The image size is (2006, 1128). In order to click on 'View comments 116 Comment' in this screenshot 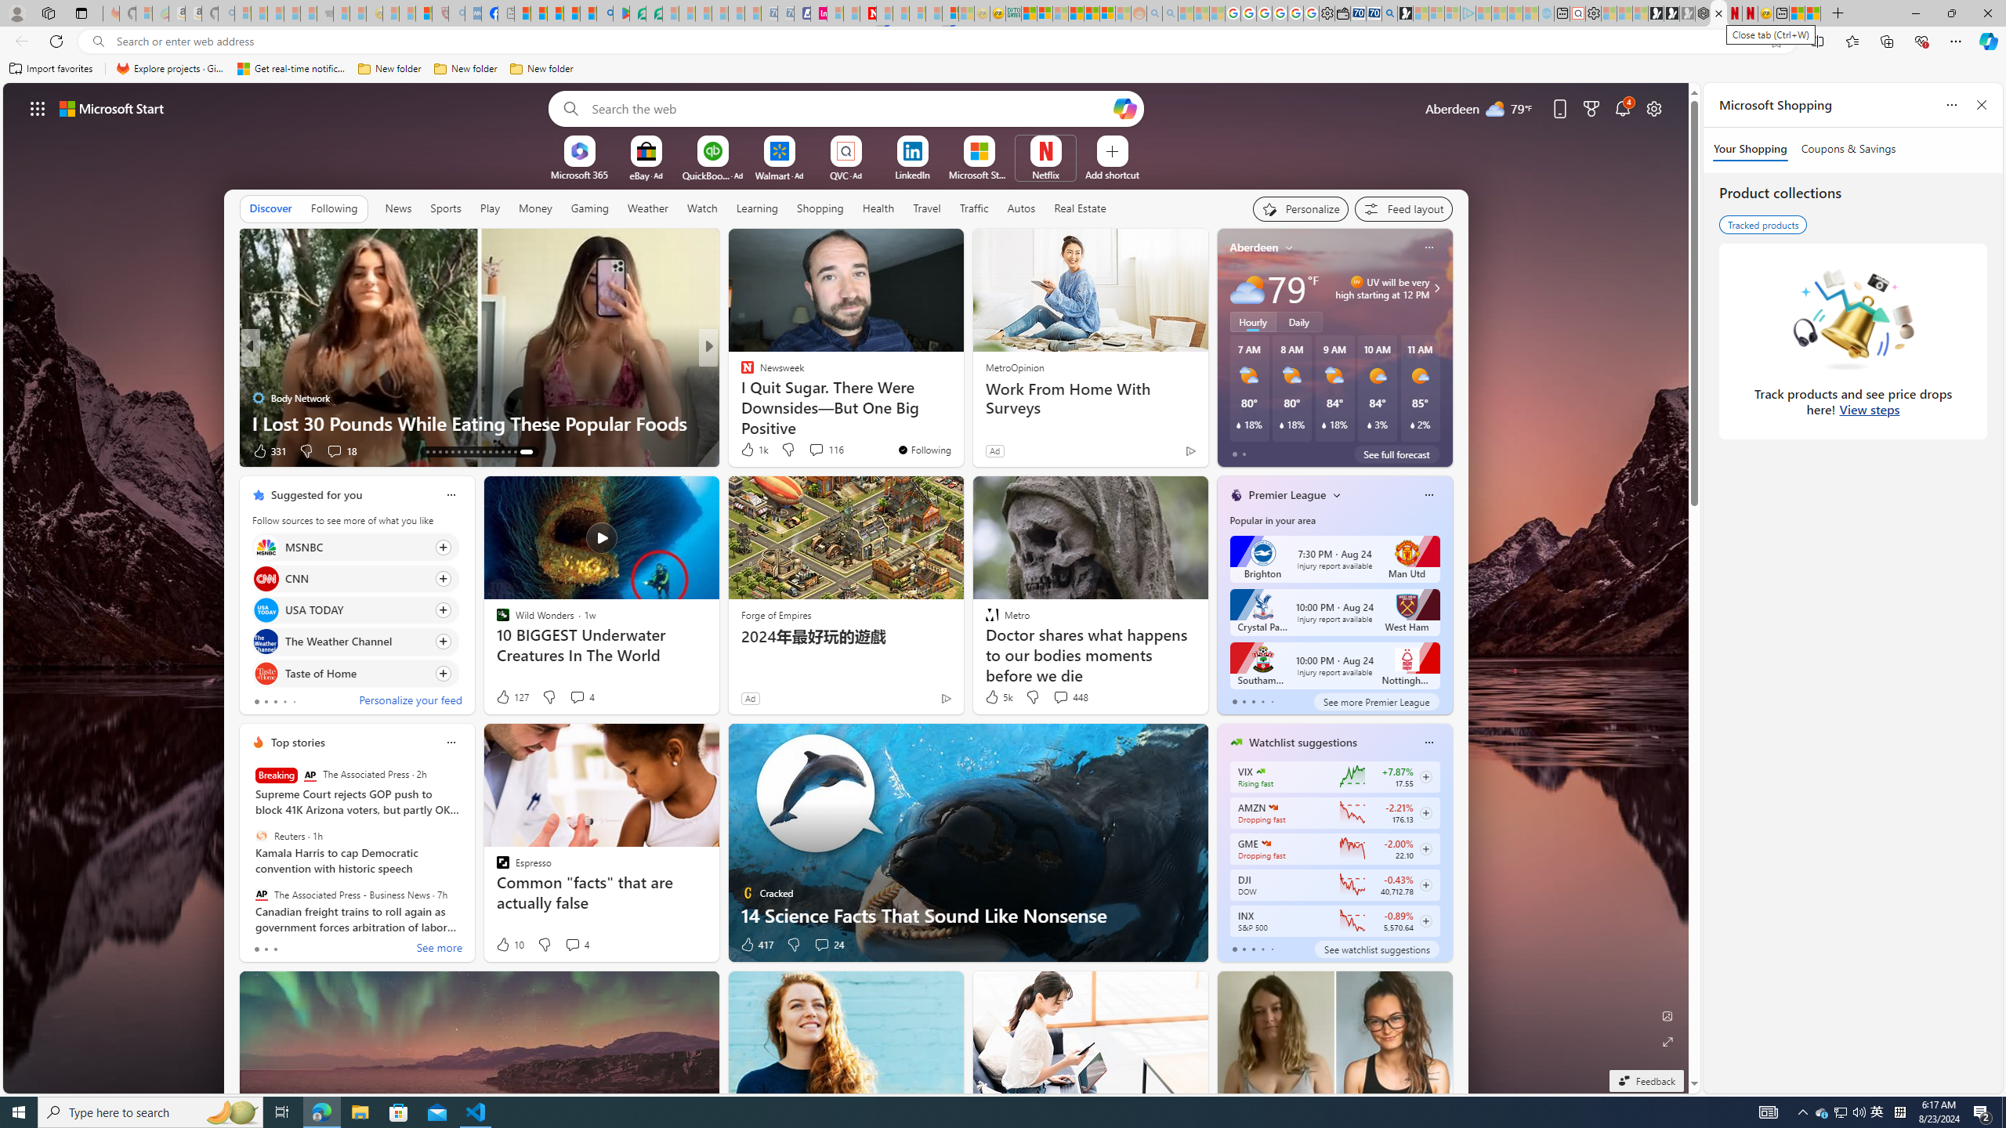, I will do `click(825, 448)`.